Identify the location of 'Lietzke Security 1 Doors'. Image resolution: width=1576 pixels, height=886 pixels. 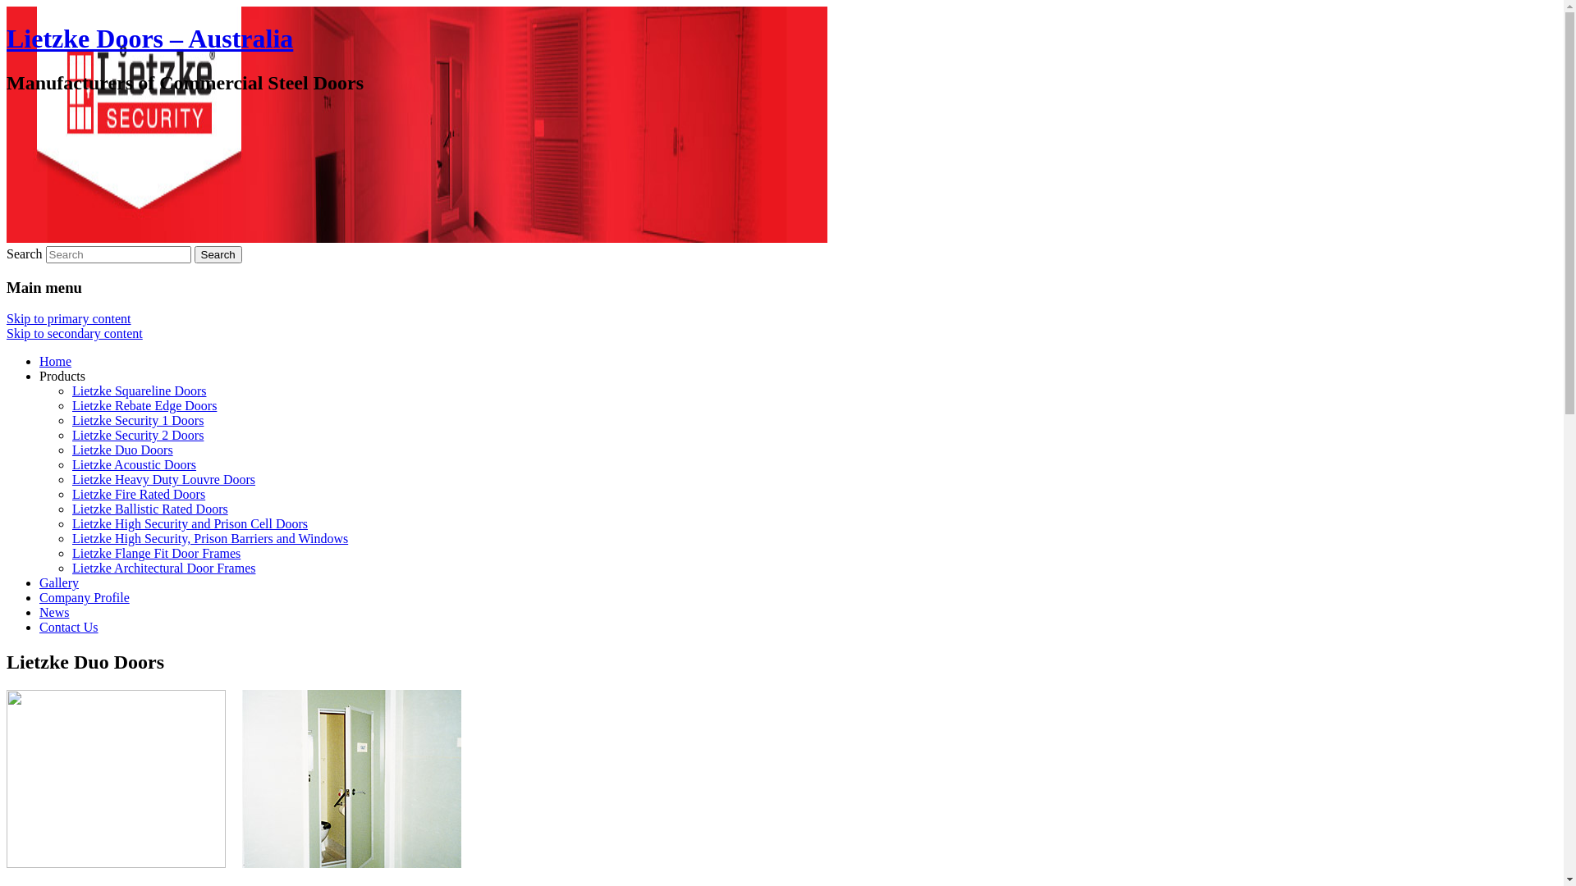
(138, 419).